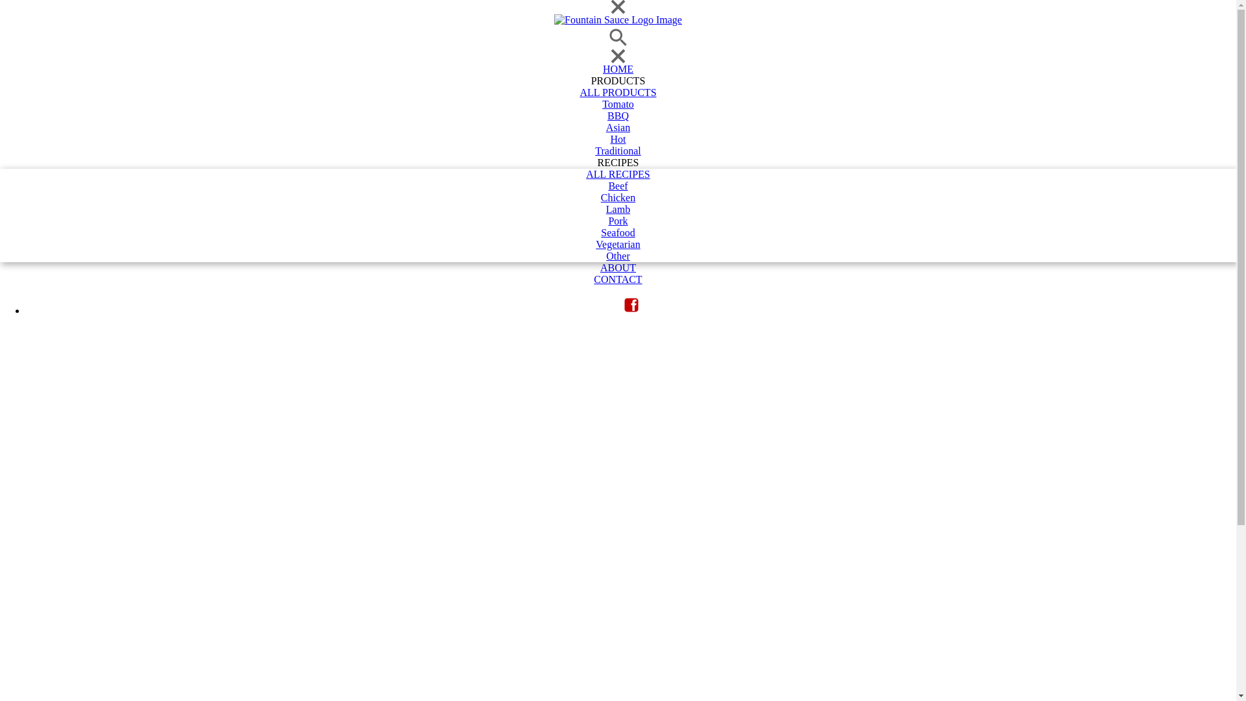  Describe the element at coordinates (617, 115) in the screenshot. I see `'BBQ'` at that location.